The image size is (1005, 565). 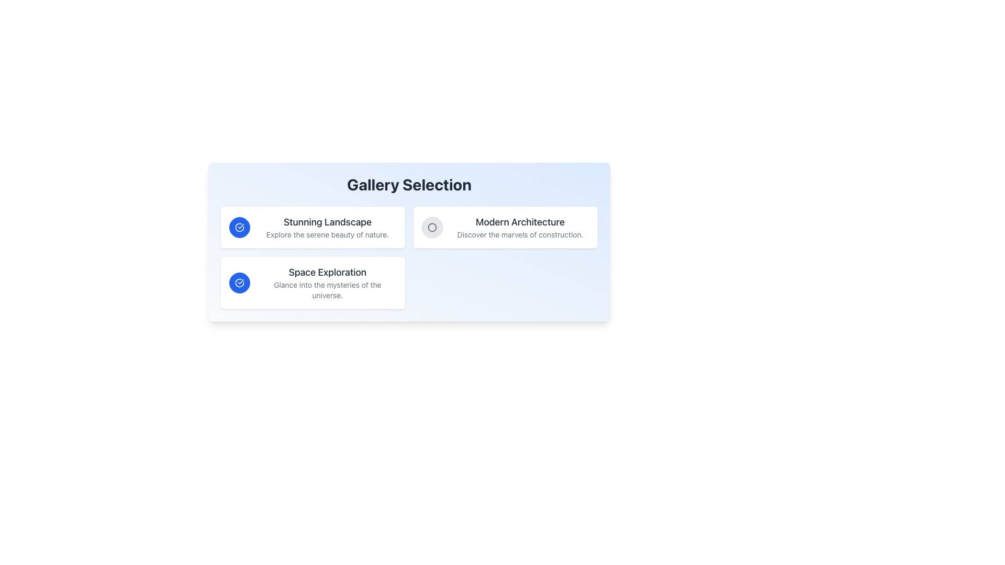 What do you see at coordinates (432, 227) in the screenshot?
I see `the circular icon with a subtle 3D embossed design, which is the second item in the top row of a grid layout` at bounding box center [432, 227].